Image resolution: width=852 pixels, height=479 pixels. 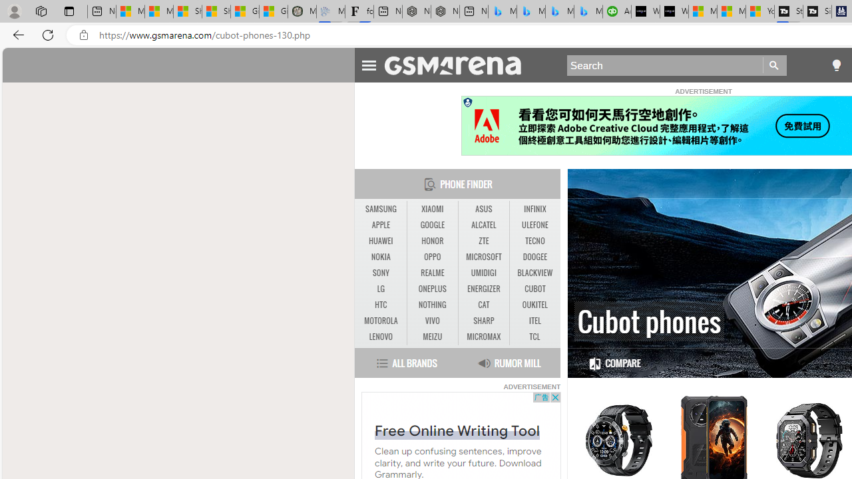 I want to click on 'Manatee Mortality Statistics | FWC', so click(x=301, y=11).